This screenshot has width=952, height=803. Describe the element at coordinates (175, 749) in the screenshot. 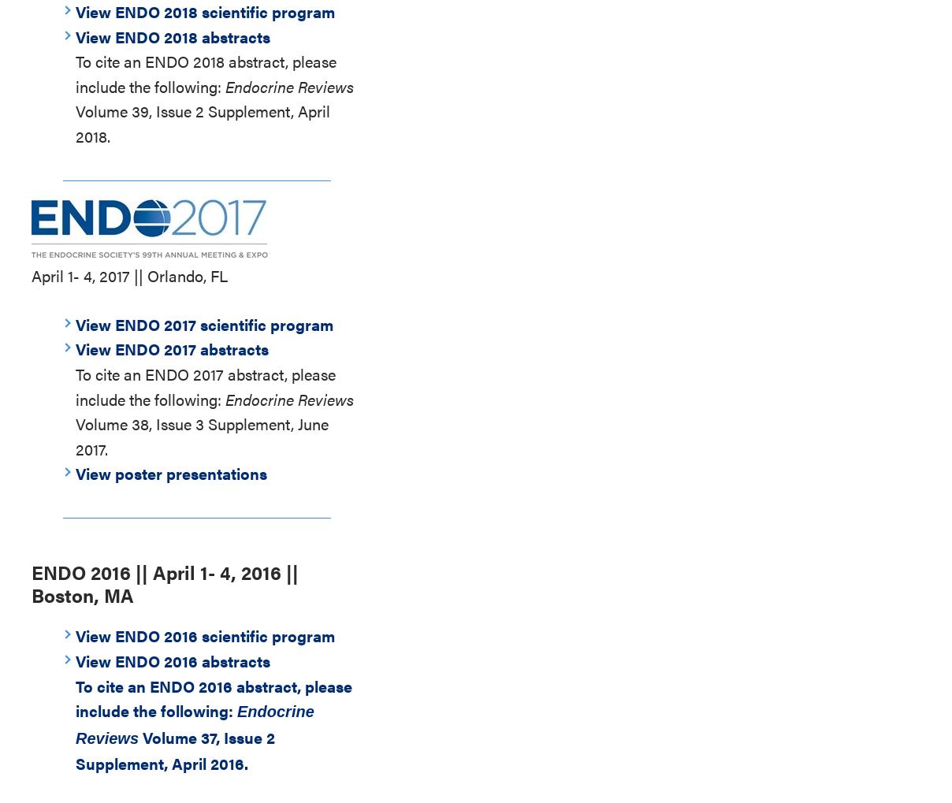

I see `'Volume 37, Issue 2 Supplement, April 2016.'` at that location.